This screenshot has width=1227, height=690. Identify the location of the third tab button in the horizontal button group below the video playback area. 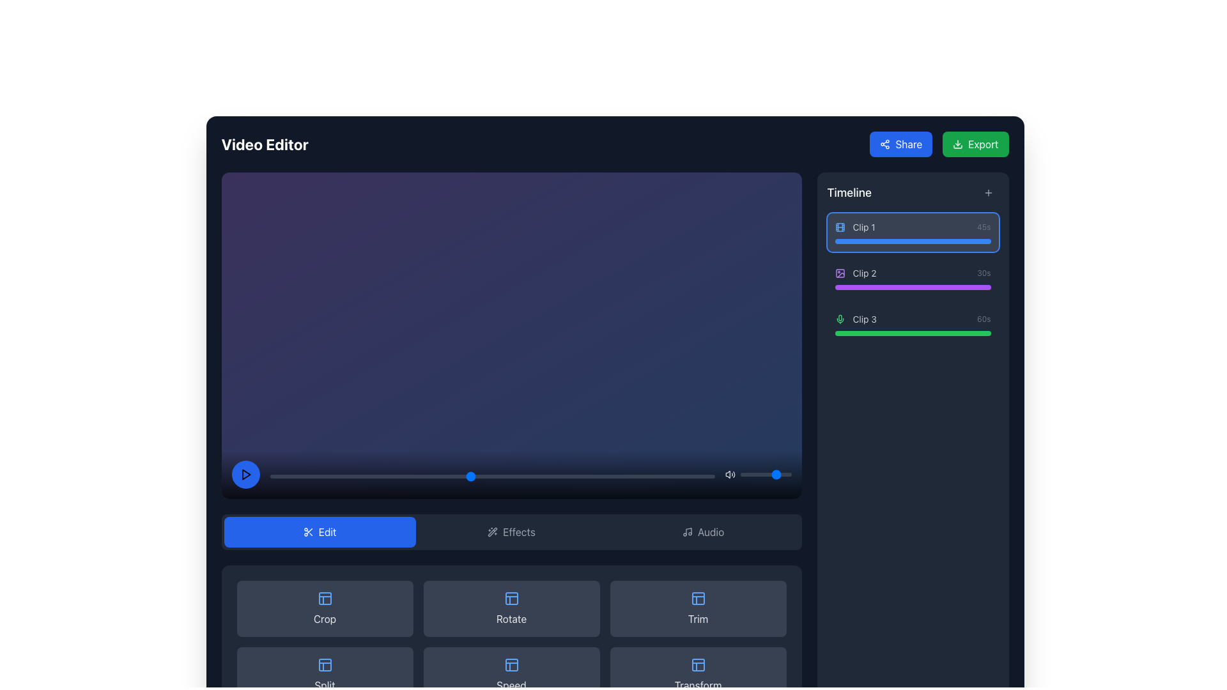
(702, 532).